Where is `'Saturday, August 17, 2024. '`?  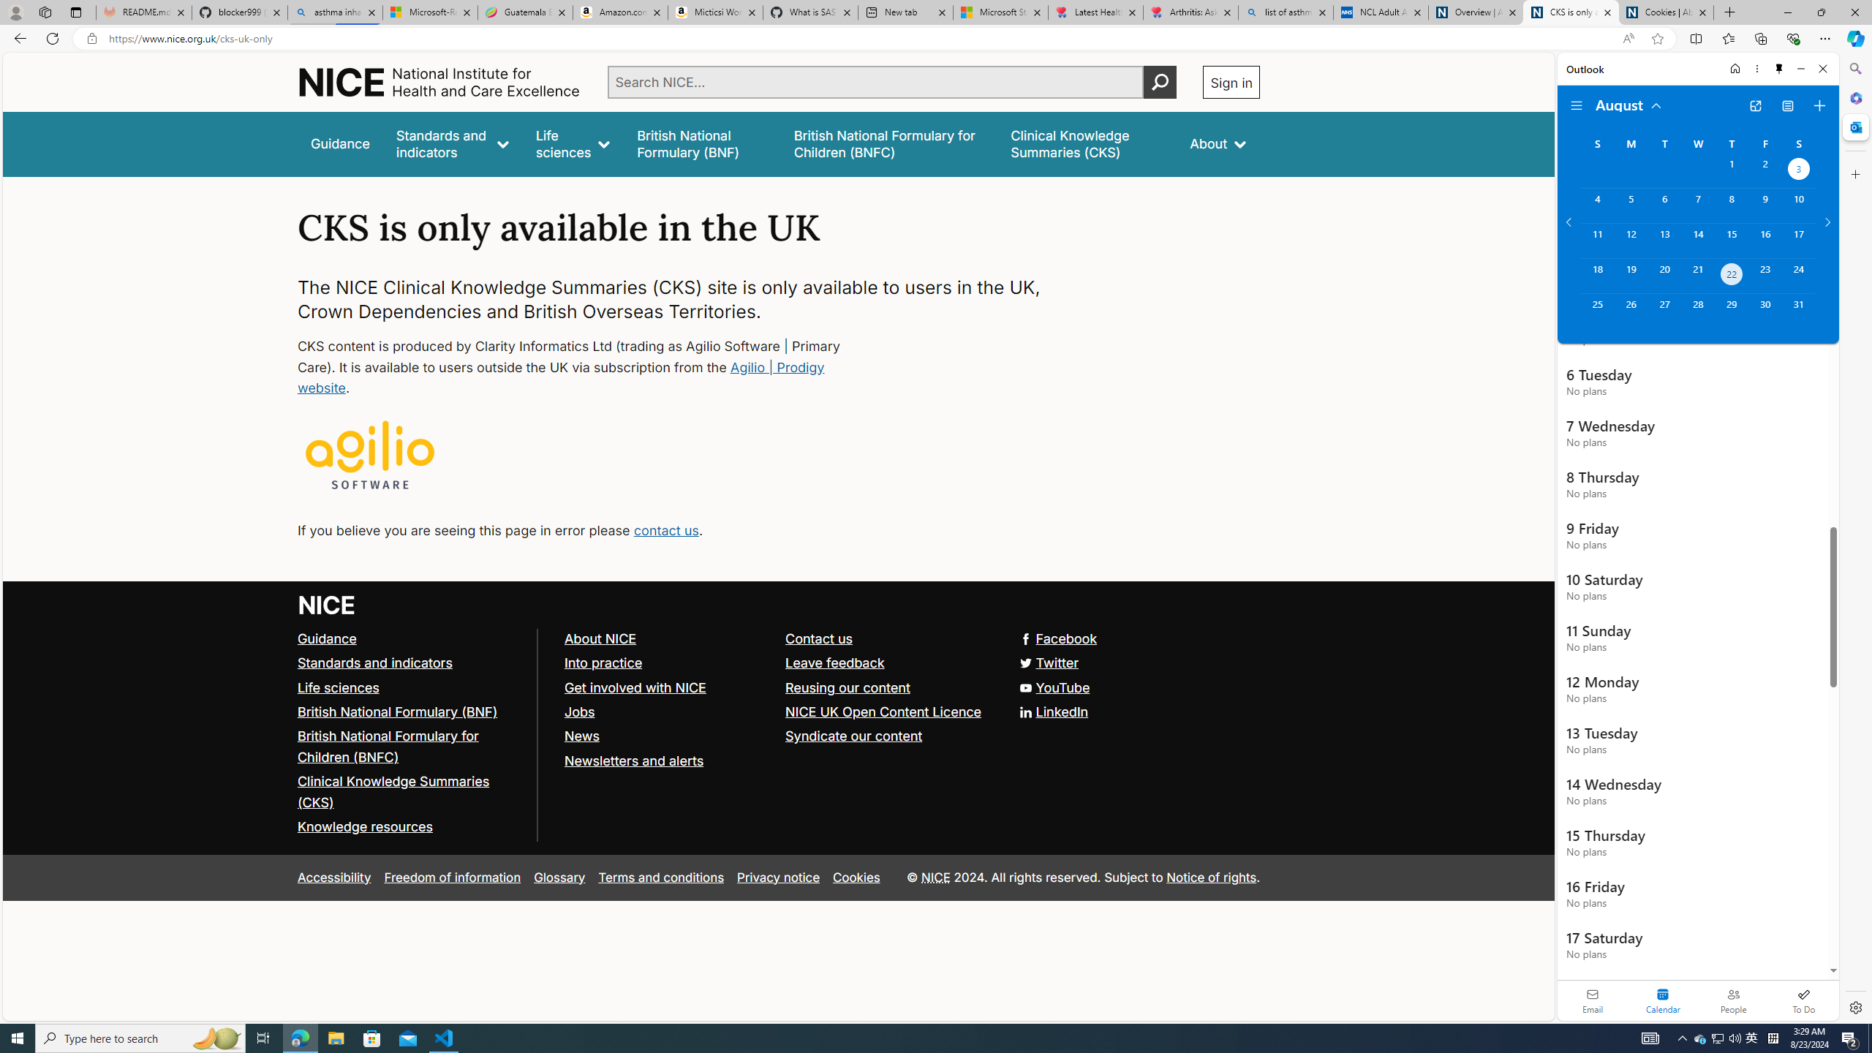 'Saturday, August 17, 2024. ' is located at coordinates (1798, 241).